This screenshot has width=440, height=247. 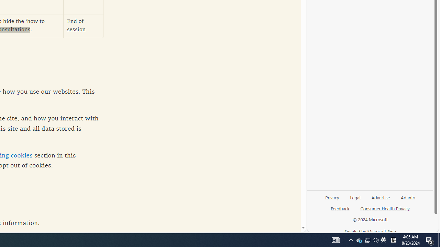 What do you see at coordinates (408, 197) in the screenshot?
I see `'Ad info'` at bounding box center [408, 197].